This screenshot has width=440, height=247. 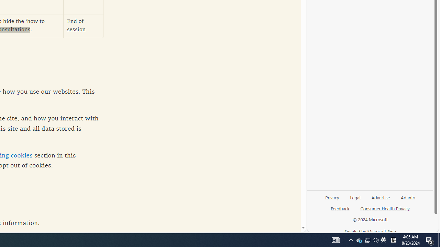 What do you see at coordinates (408, 197) in the screenshot?
I see `'Ad info'` at bounding box center [408, 197].